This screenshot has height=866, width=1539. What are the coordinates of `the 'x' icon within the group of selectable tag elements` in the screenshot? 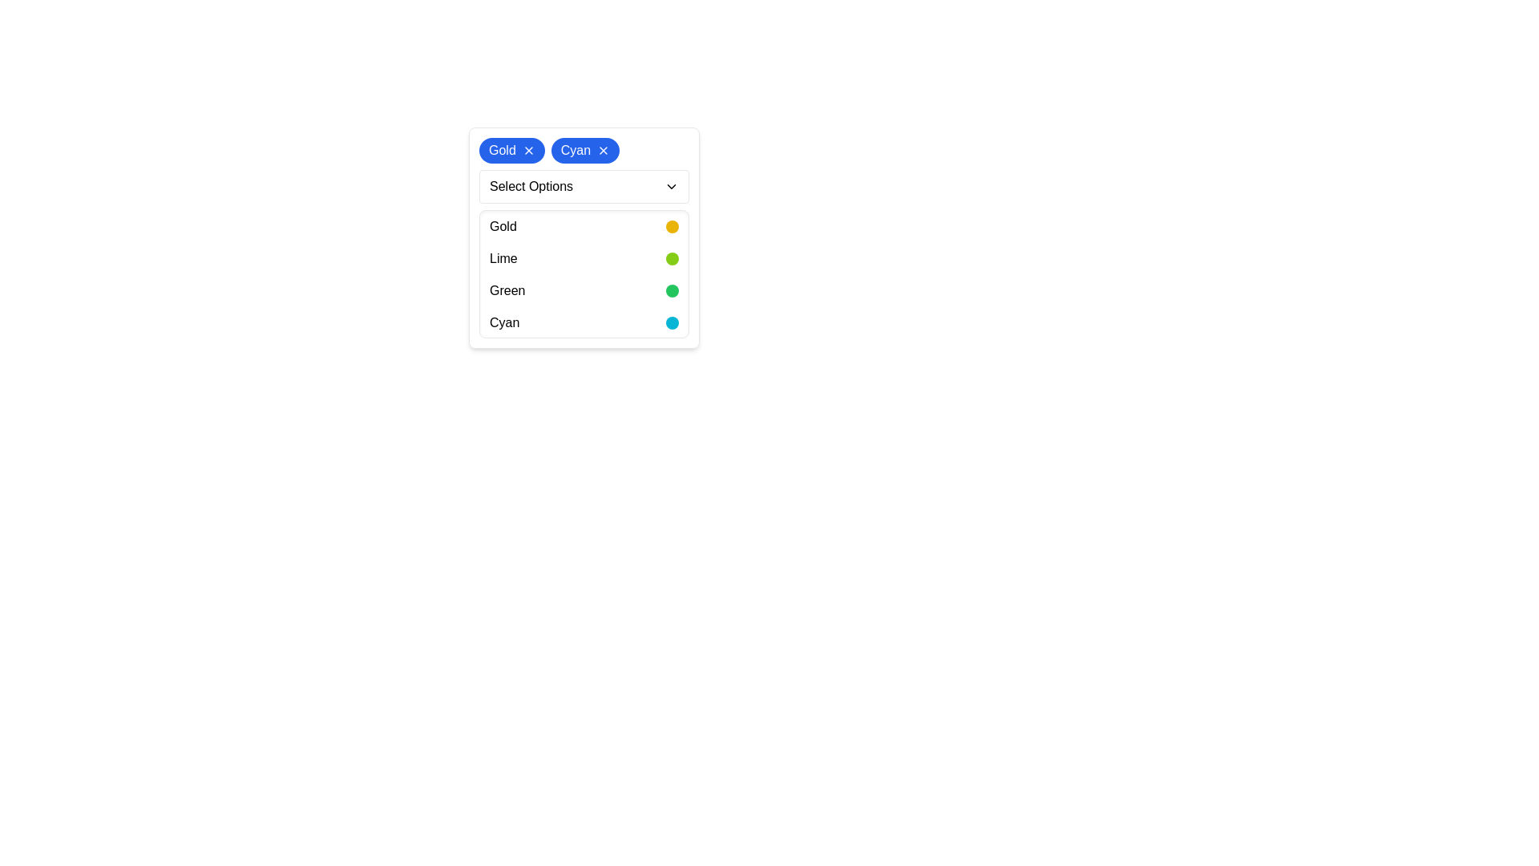 It's located at (584, 151).